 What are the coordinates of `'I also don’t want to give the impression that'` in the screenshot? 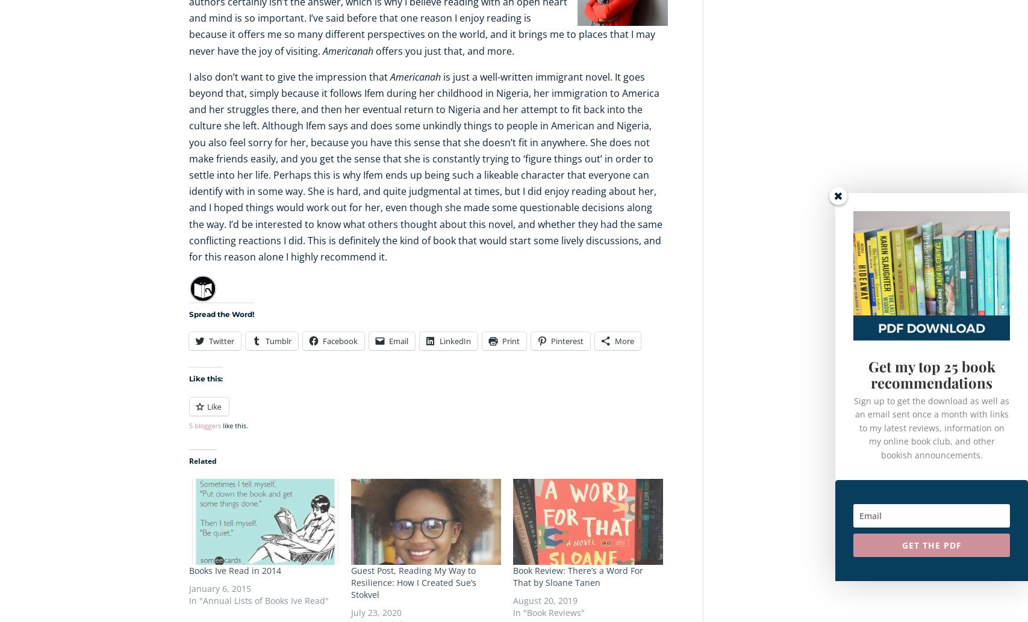 It's located at (289, 76).